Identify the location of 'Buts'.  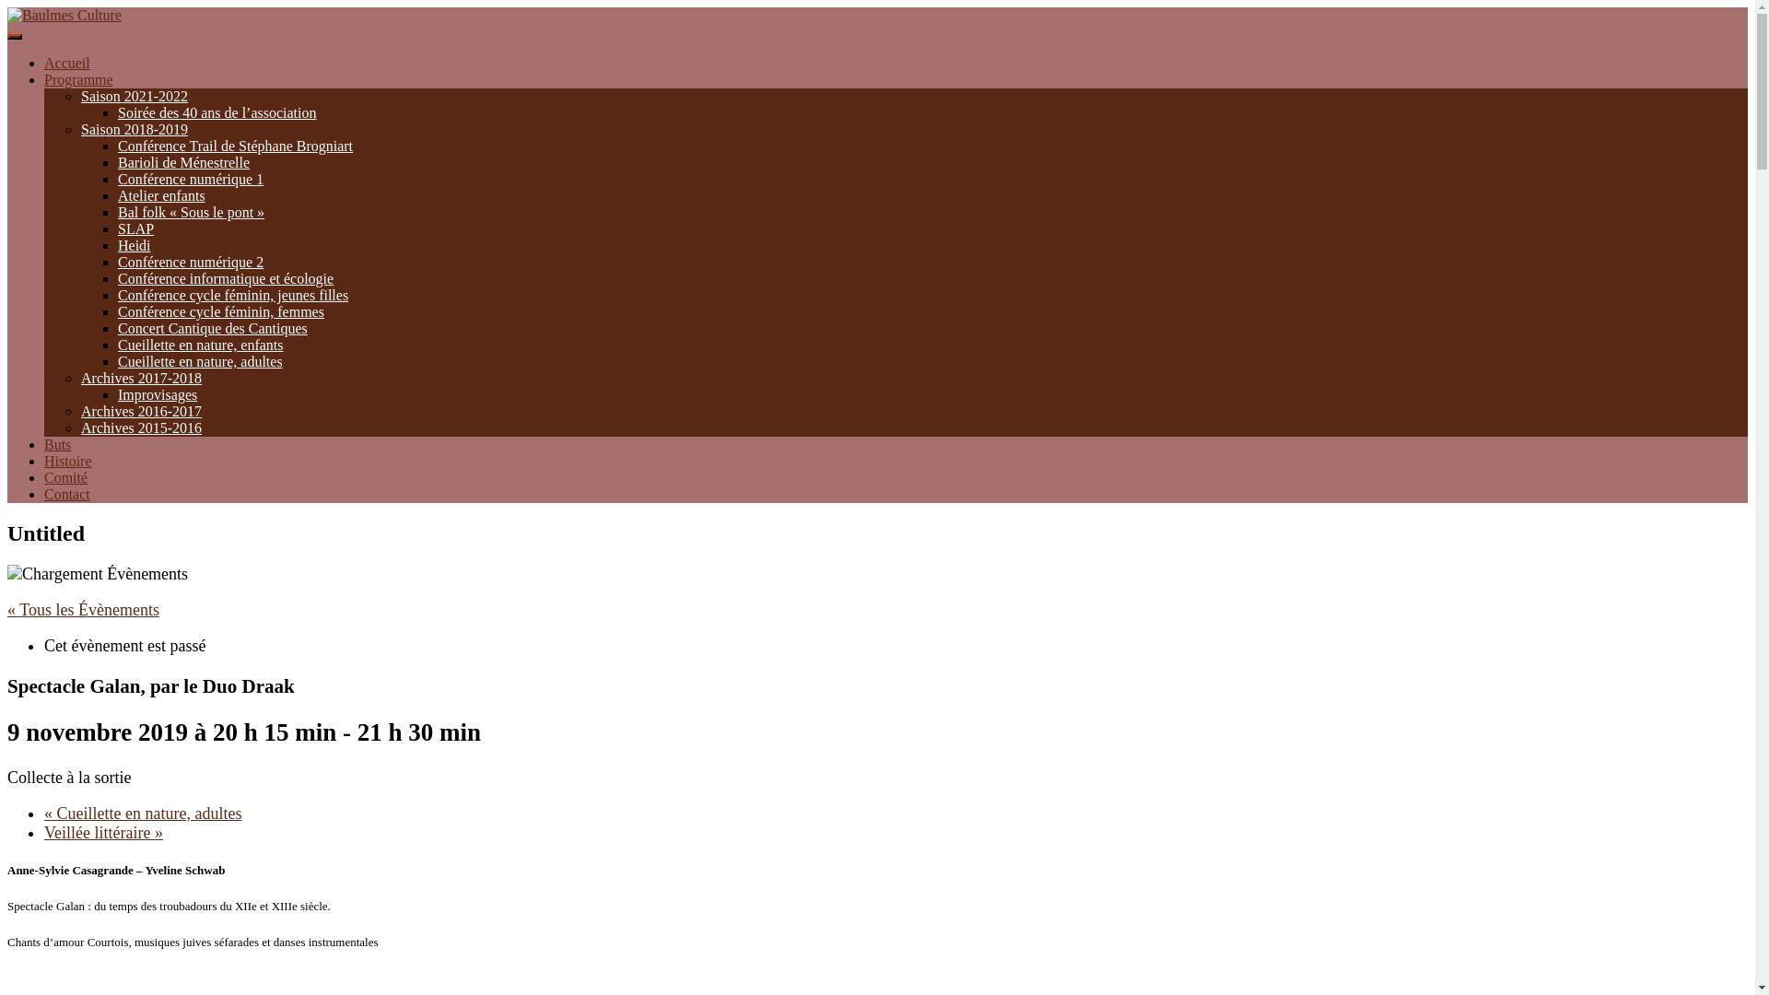
(57, 444).